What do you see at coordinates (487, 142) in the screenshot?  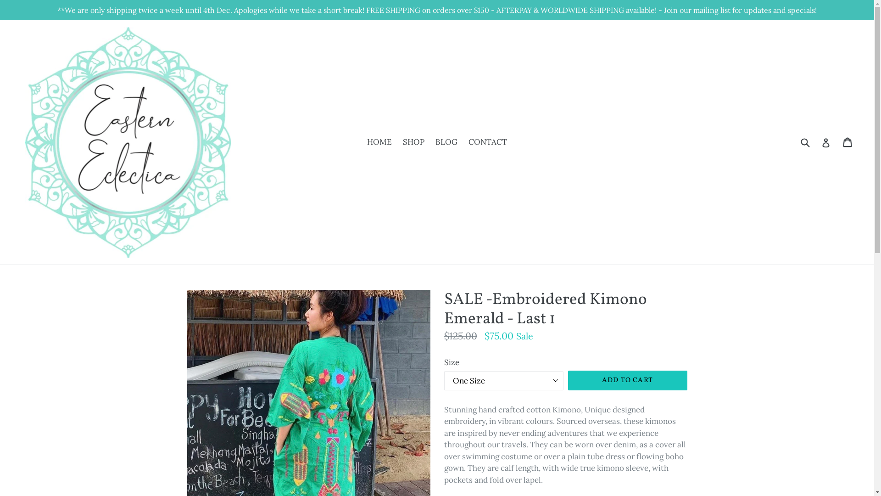 I see `'CONTACT'` at bounding box center [487, 142].